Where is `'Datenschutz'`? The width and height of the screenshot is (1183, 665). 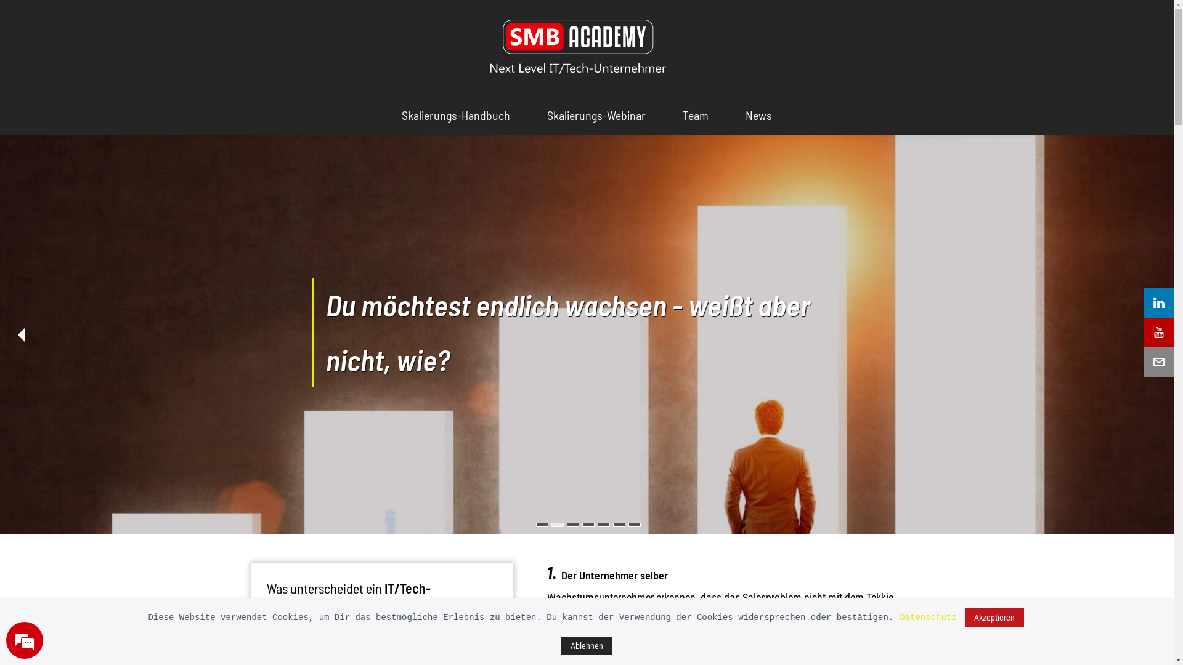 'Datenschutz' is located at coordinates (928, 618).